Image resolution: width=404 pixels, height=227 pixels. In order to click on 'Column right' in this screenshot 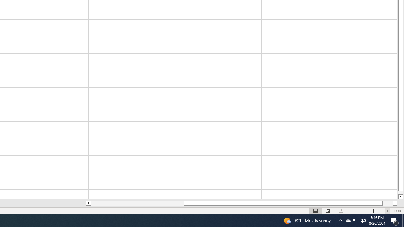, I will do `click(395, 203)`.